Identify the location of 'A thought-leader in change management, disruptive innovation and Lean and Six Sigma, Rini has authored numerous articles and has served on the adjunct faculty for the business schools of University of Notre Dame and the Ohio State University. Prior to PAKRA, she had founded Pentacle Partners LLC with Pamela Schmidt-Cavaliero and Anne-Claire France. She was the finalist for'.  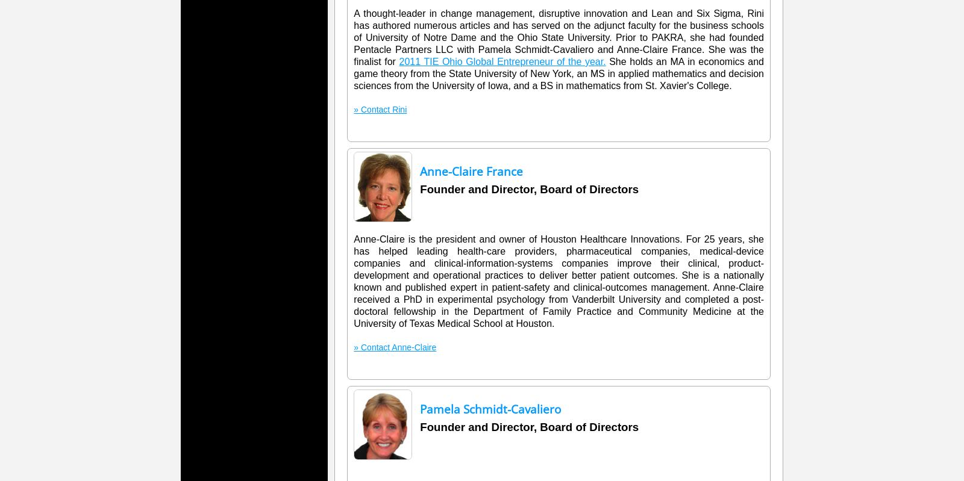
(353, 37).